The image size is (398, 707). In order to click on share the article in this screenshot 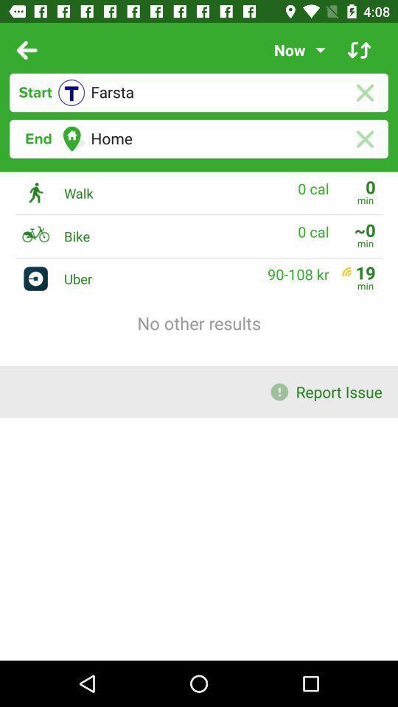, I will do `click(358, 50)`.